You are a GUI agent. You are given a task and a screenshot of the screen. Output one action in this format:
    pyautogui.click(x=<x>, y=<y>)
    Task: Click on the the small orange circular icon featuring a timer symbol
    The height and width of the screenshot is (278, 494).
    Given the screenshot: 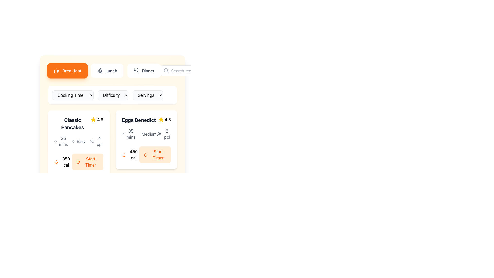 What is the action you would take?
    pyautogui.click(x=145, y=154)
    